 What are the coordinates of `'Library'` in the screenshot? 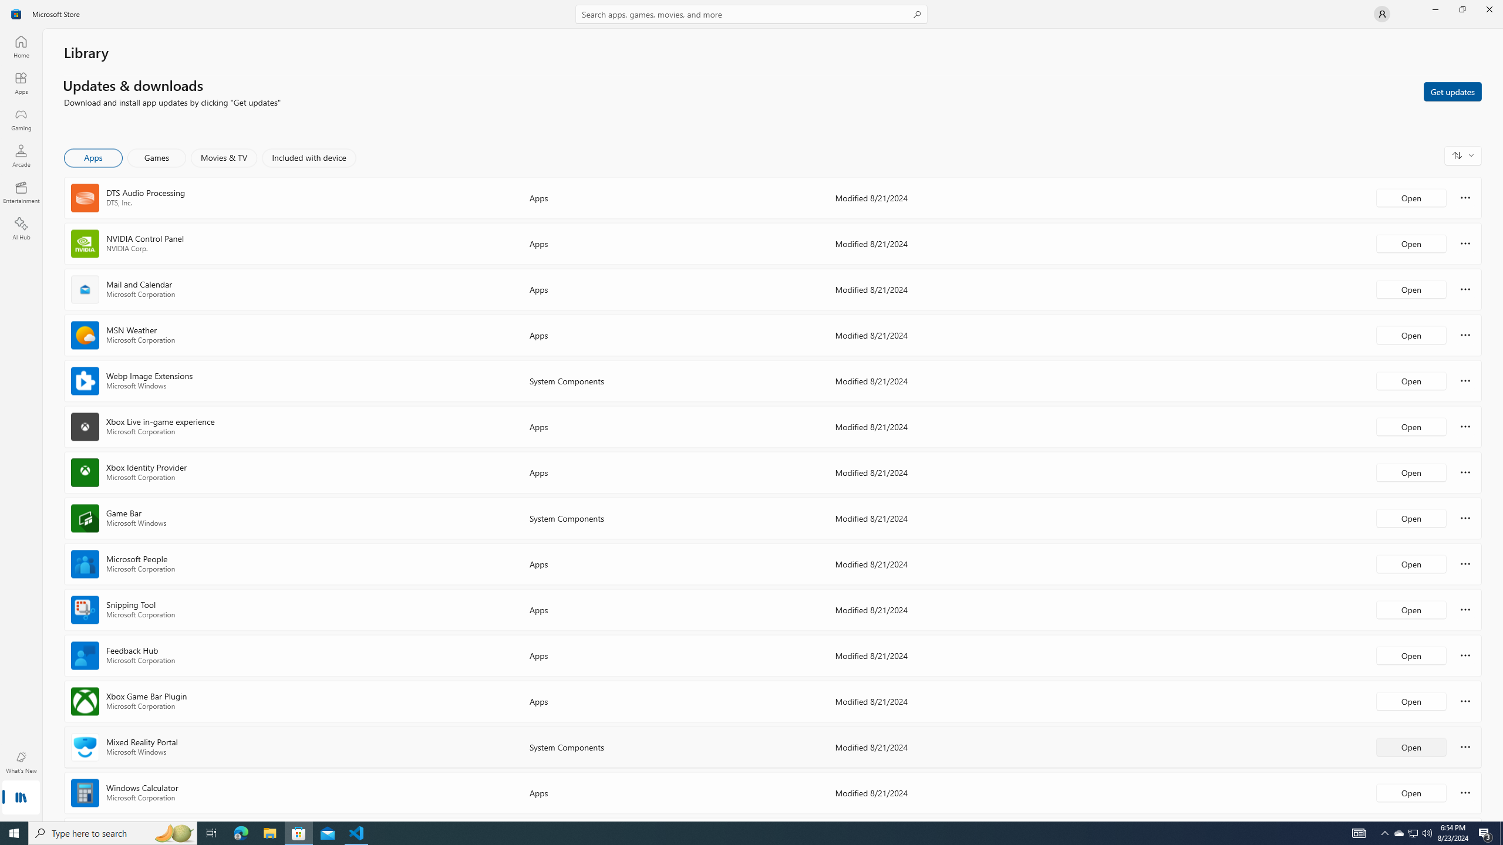 It's located at (20, 798).